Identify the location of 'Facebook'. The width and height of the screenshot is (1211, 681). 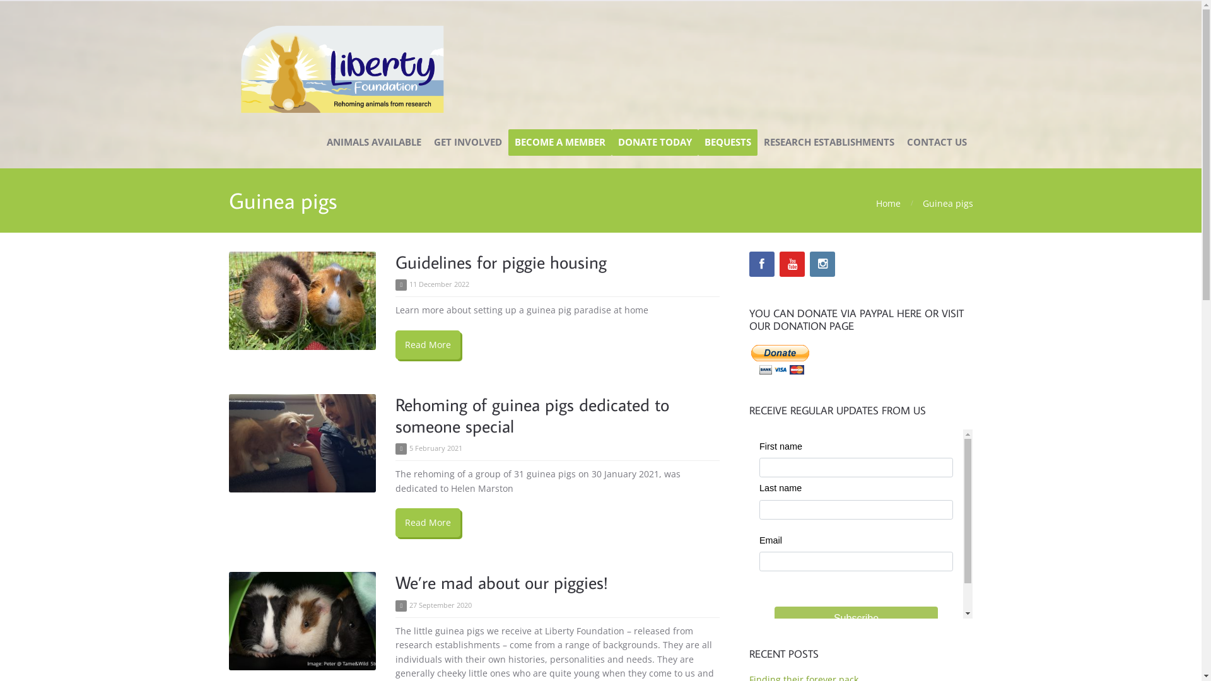
(761, 264).